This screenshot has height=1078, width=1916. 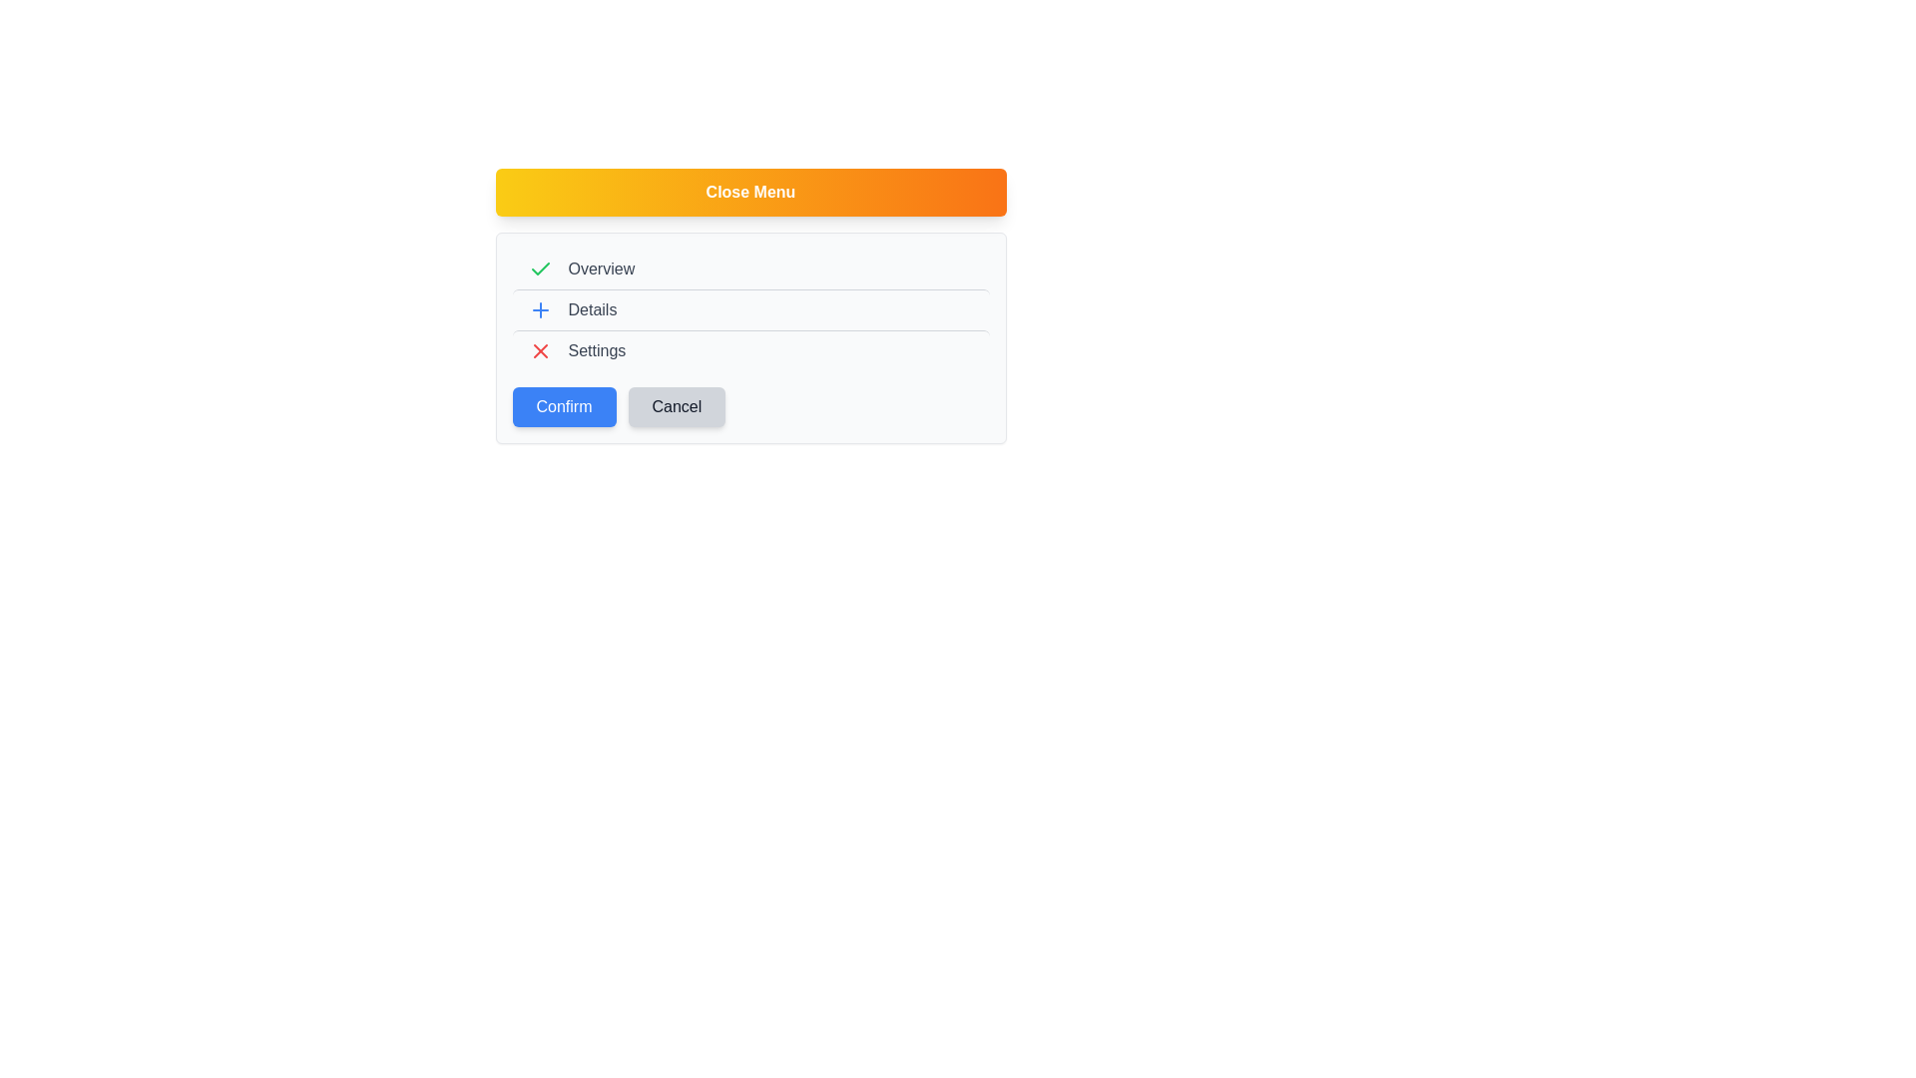 What do you see at coordinates (749, 192) in the screenshot?
I see `the main button to toggle the menu open/close state` at bounding box center [749, 192].